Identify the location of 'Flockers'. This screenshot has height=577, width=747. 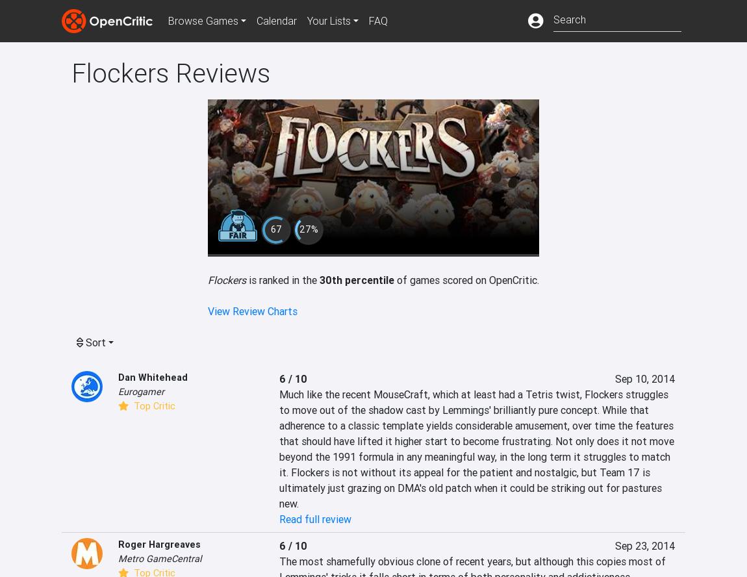
(227, 279).